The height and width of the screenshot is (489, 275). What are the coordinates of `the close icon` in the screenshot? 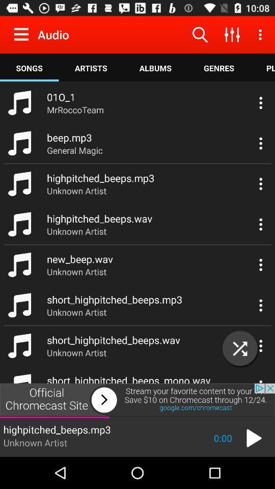 It's located at (240, 348).